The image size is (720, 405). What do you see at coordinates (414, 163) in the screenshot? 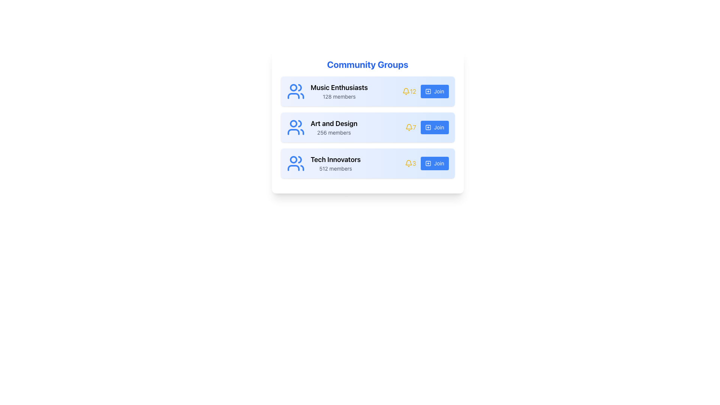
I see `the static text element displaying the numeral '3', which is located to the right of a bell icon in a horizontal layout` at bounding box center [414, 163].